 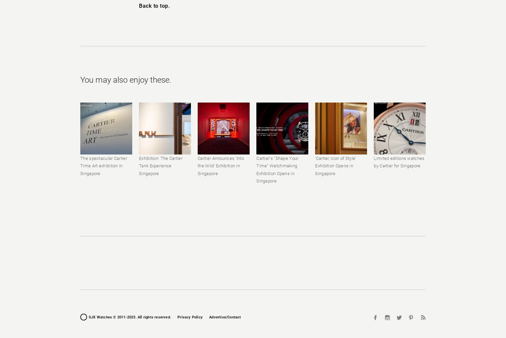 What do you see at coordinates (221, 165) in the screenshot?
I see `'Cartier Announces 'Into the Wild' Exhibition in Singapore'` at bounding box center [221, 165].